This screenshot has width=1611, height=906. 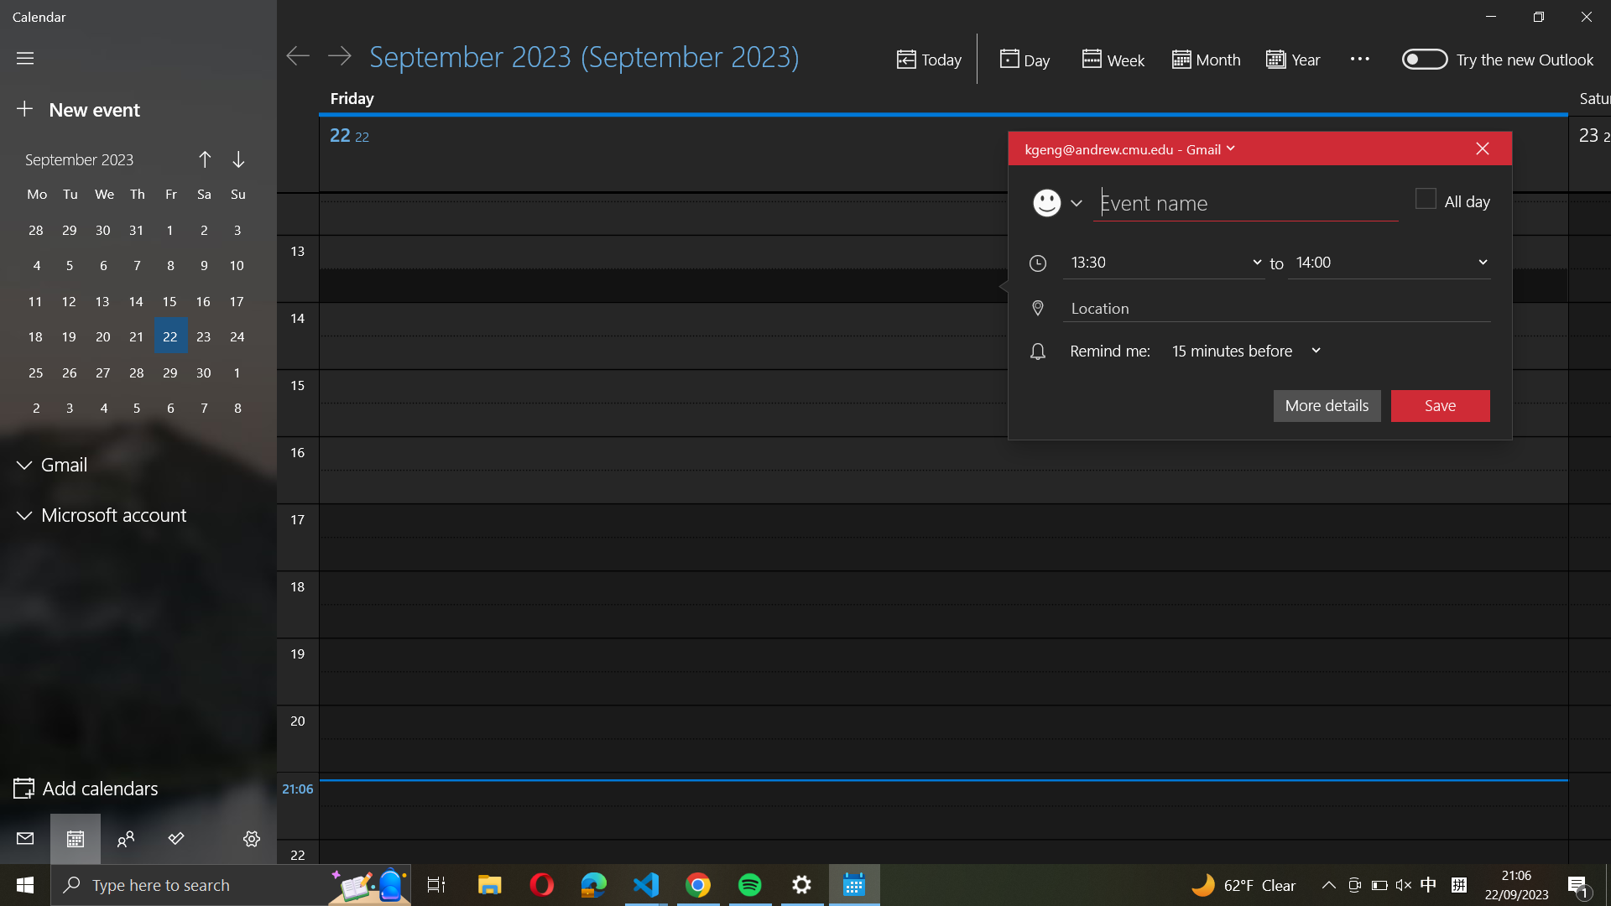 I want to click on Inspect the daily planner, so click(x=1024, y=58).